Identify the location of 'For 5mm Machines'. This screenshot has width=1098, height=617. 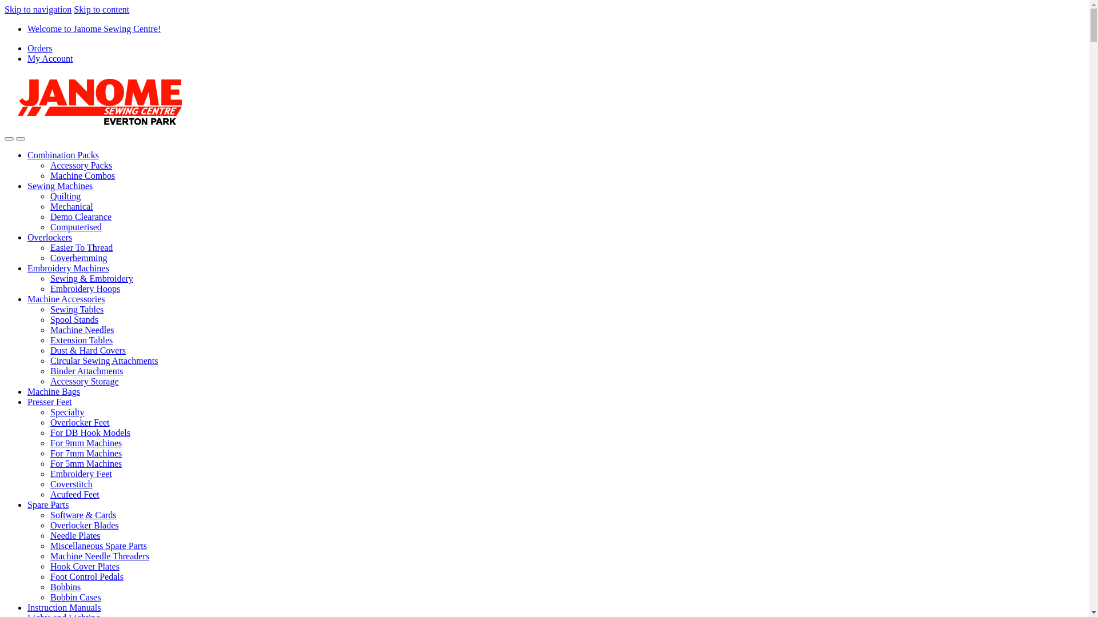
(85, 463).